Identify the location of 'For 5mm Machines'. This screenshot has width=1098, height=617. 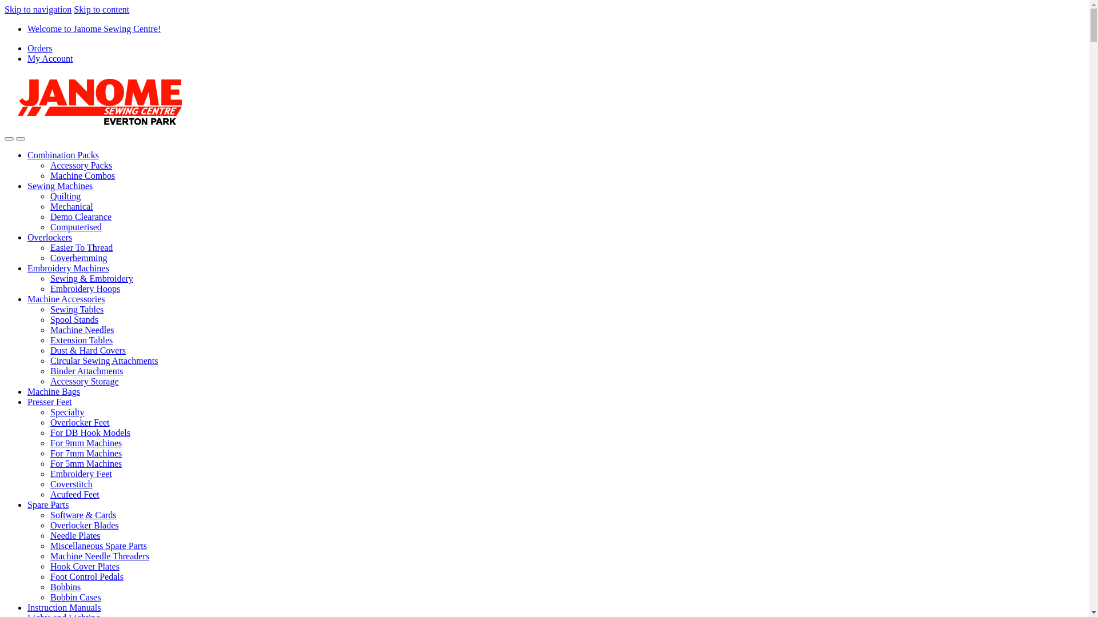
(85, 463).